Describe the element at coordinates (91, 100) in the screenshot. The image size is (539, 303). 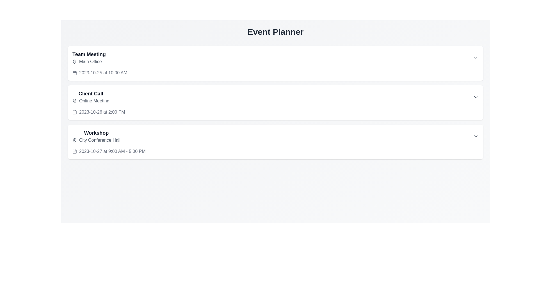
I see `the label with icon located in the 'Client Call' section, positioned directly underneath the 'Client Call' title text` at that location.